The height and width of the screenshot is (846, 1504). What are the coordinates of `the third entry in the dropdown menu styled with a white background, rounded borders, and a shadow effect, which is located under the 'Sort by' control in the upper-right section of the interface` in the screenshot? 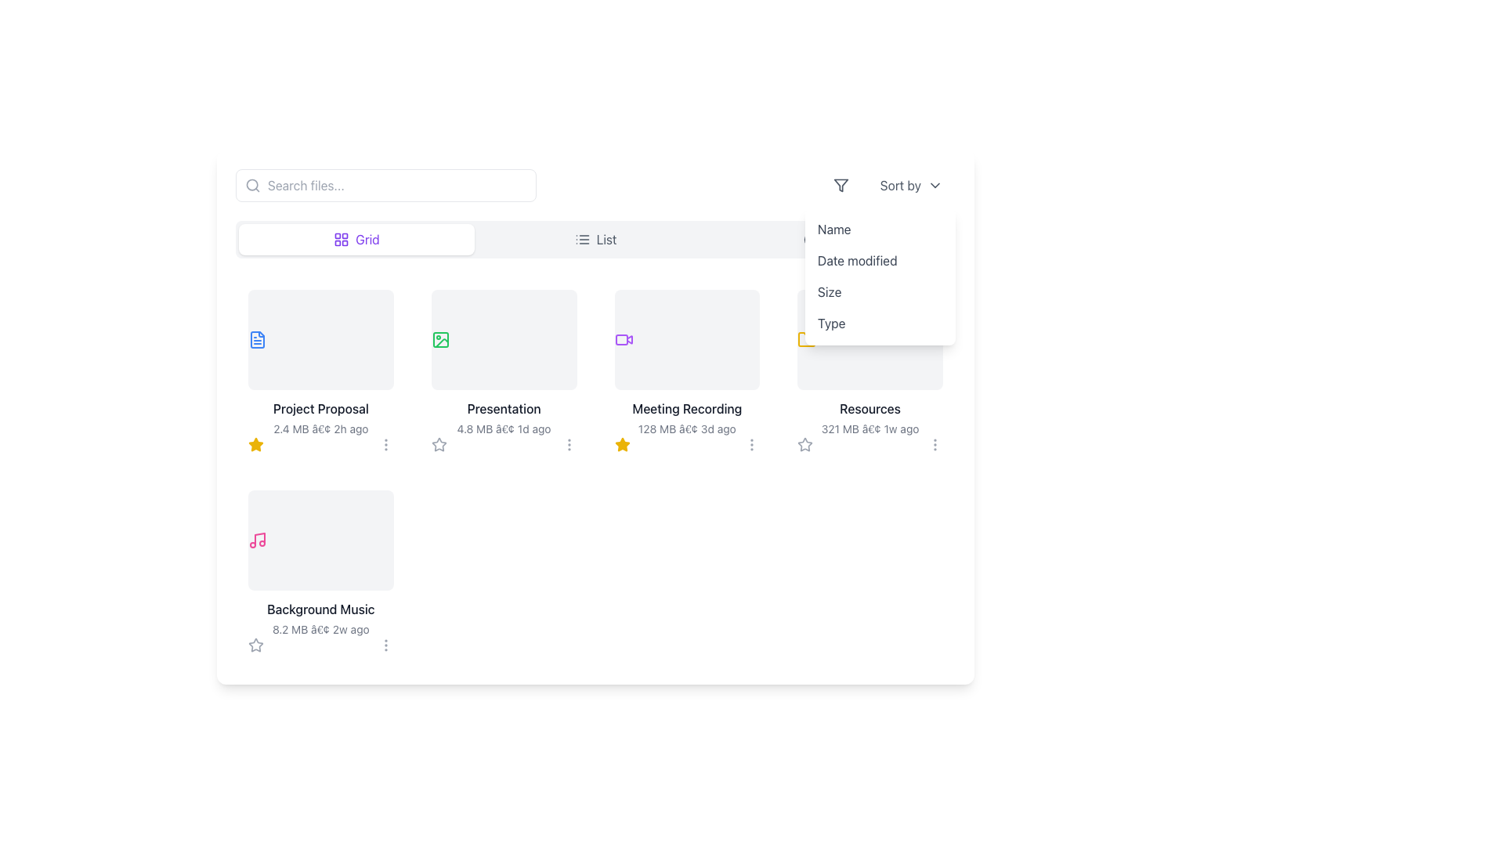 It's located at (880, 276).